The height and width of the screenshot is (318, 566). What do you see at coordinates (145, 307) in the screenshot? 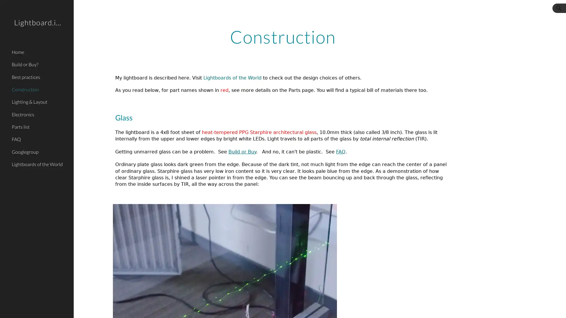
I see `Report abuse` at bounding box center [145, 307].